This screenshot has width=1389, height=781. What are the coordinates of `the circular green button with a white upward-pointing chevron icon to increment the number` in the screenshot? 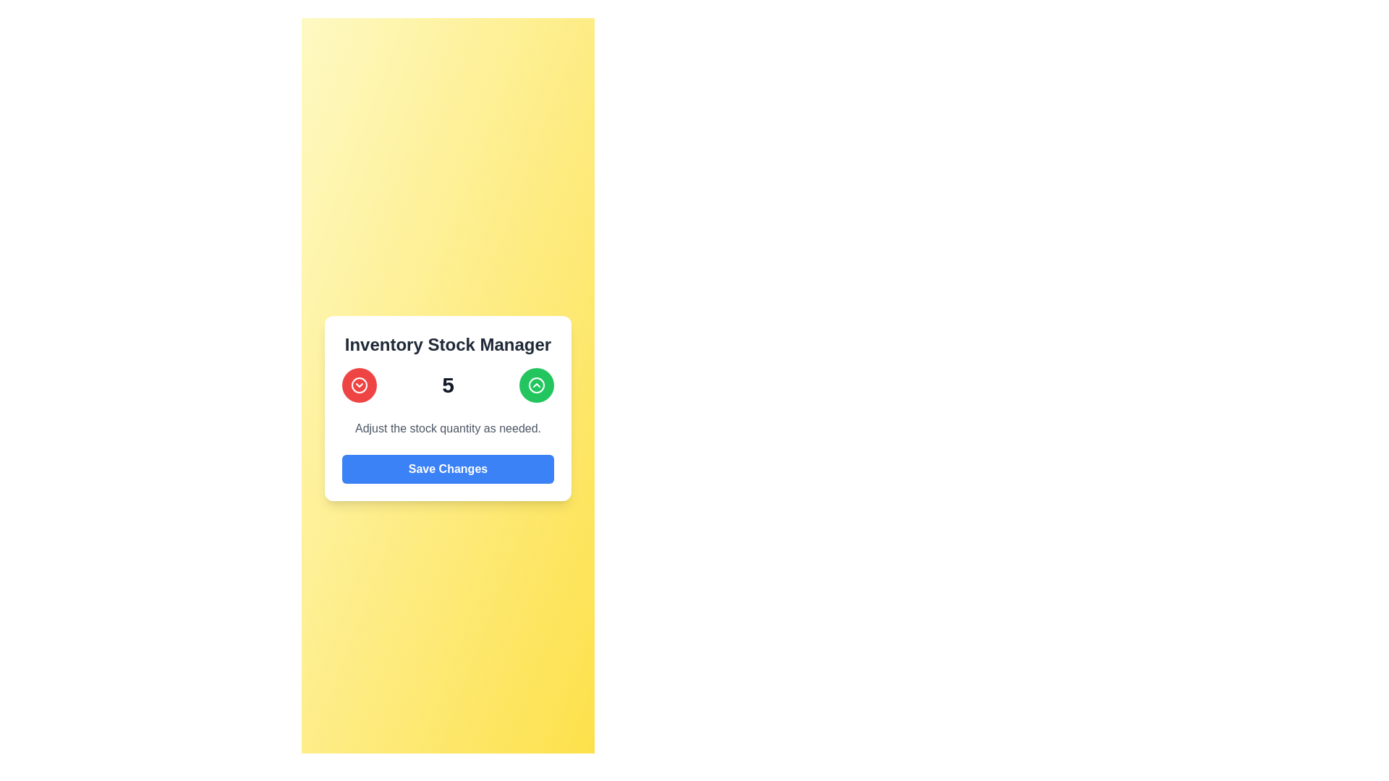 It's located at (536, 384).